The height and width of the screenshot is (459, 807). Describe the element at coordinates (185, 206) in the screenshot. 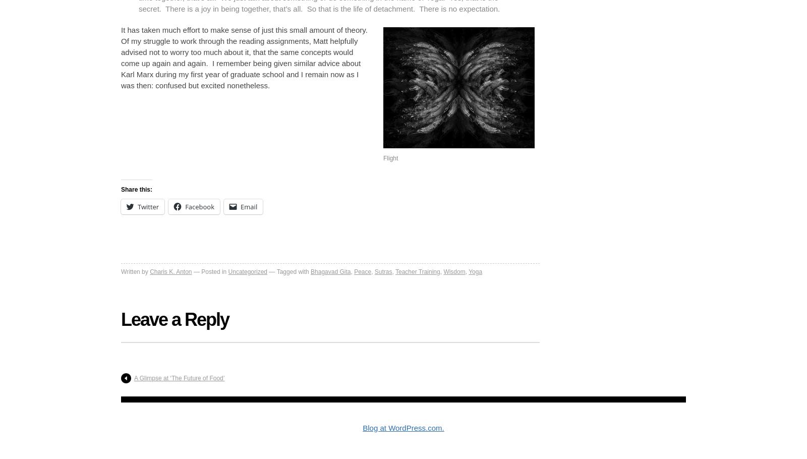

I see `'Facebook'` at that location.